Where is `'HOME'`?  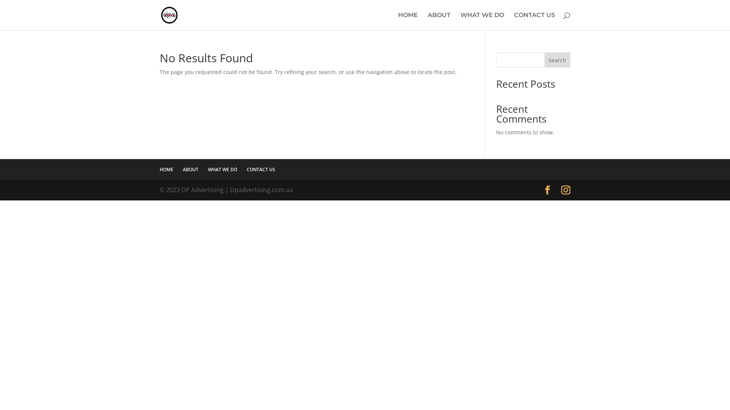
'HOME' is located at coordinates (408, 21).